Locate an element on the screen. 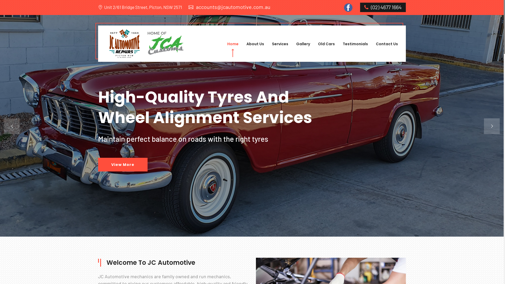  'accounts@jcautomotive.com.au' is located at coordinates (229, 7).